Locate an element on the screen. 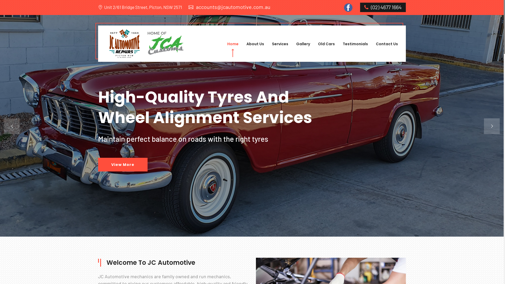  'accounts@jcautomotive.com.au' is located at coordinates (229, 7).